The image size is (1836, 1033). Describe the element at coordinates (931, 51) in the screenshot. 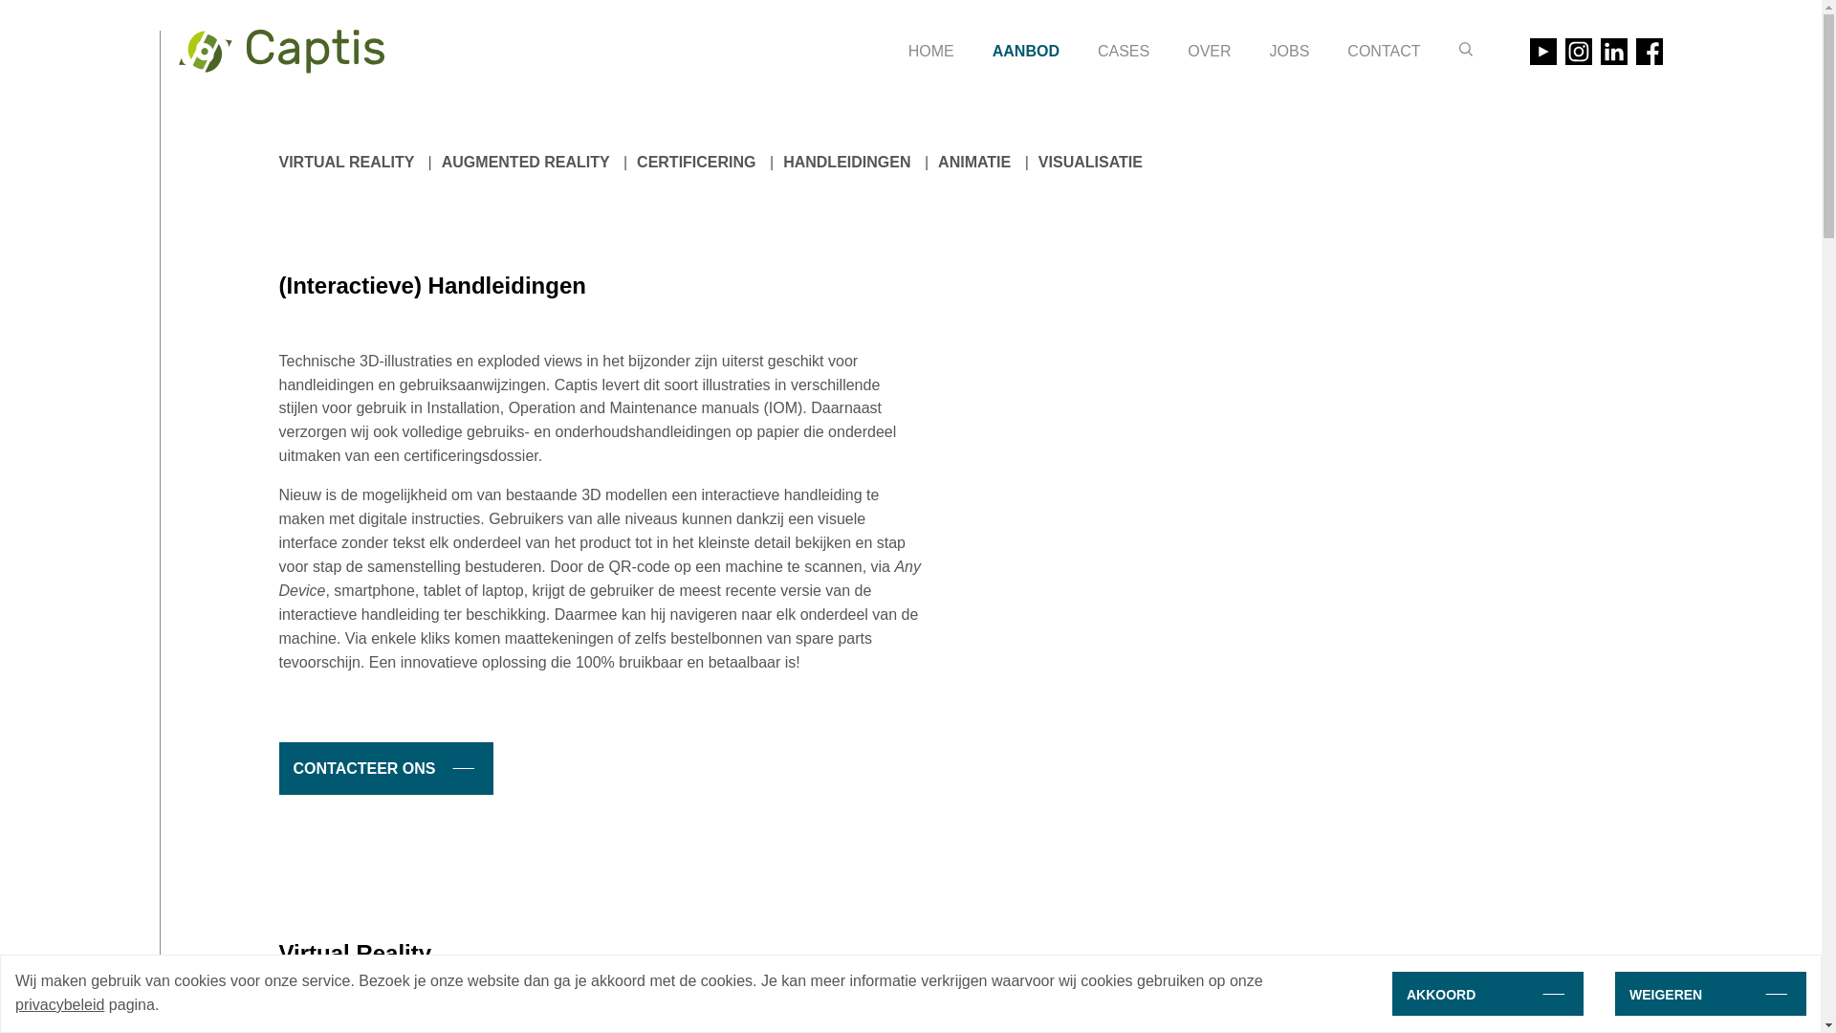

I see `'HOME'` at that location.